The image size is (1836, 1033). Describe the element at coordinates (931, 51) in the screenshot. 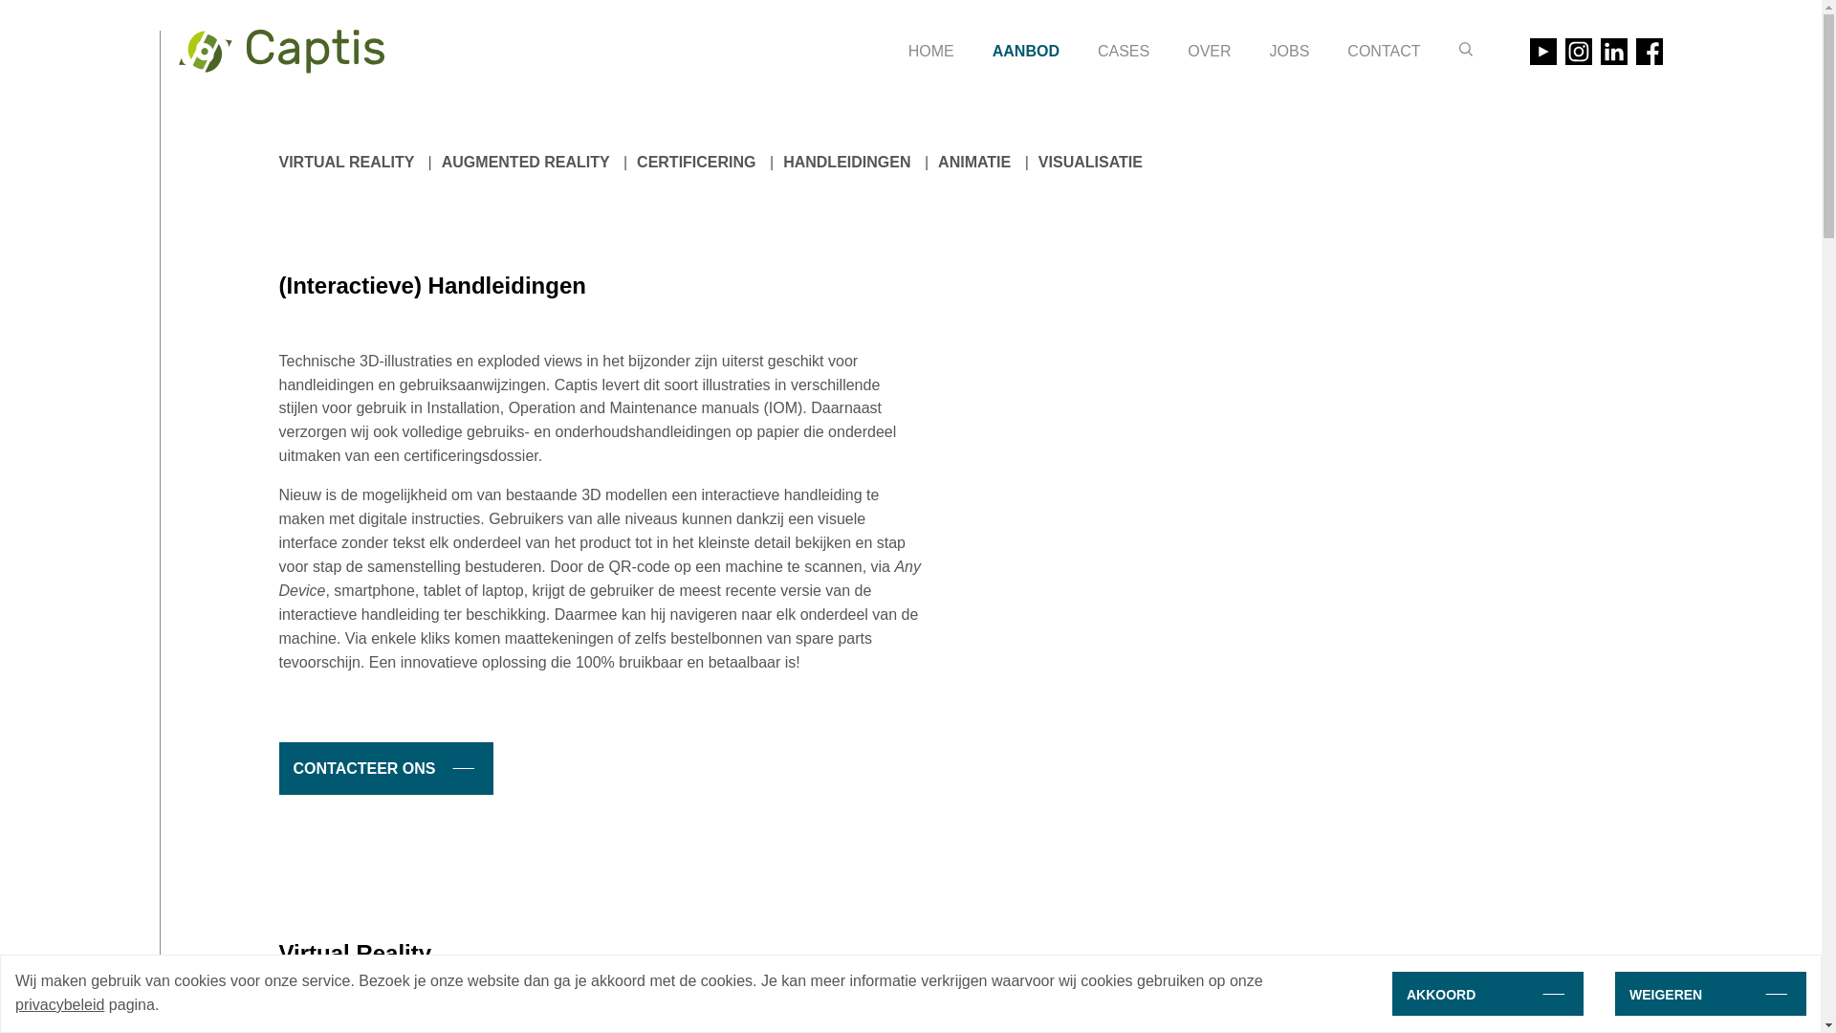

I see `'HOME'` at that location.